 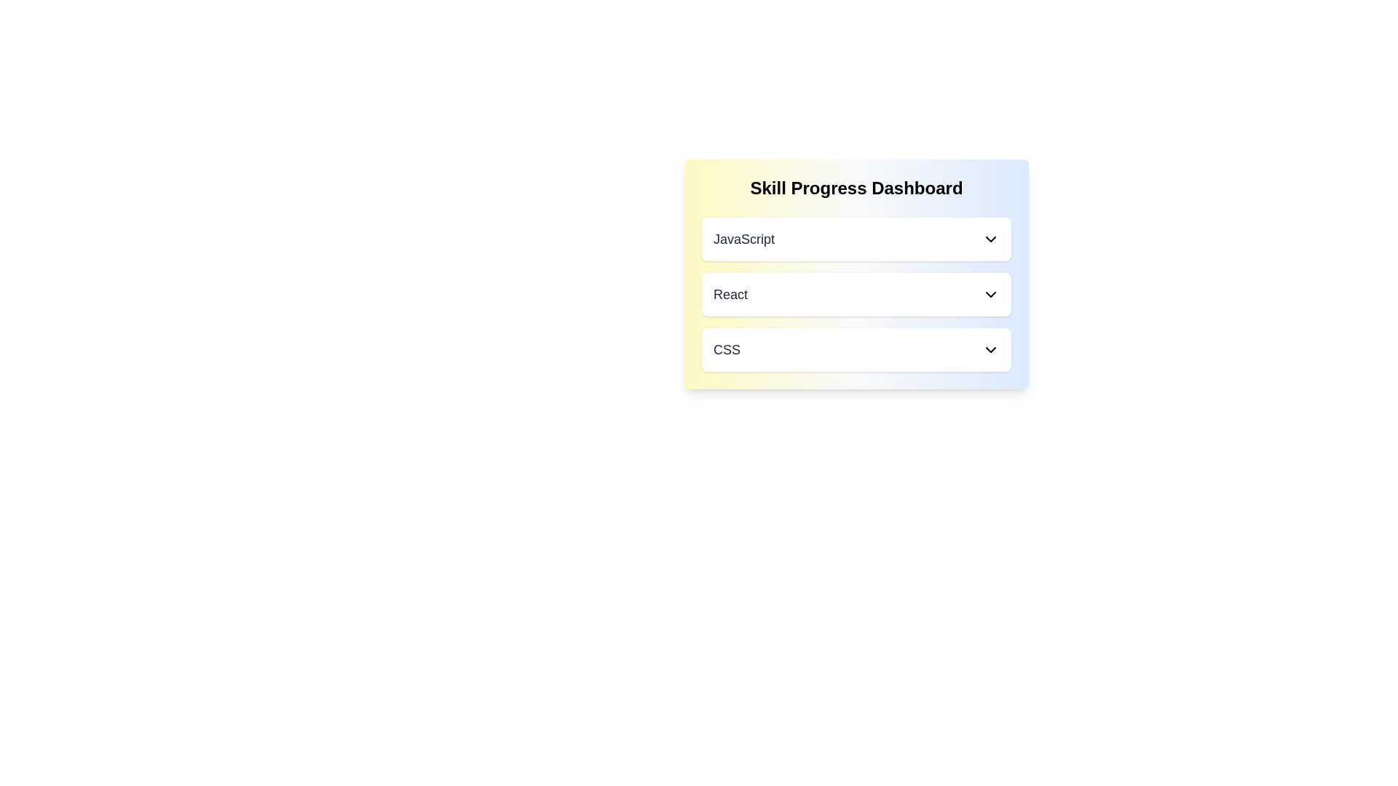 What do you see at coordinates (856, 274) in the screenshot?
I see `the second skill entry labeled 'React' in the vertically stacked skill list of the 'Skill Progress Dashboard' card` at bounding box center [856, 274].